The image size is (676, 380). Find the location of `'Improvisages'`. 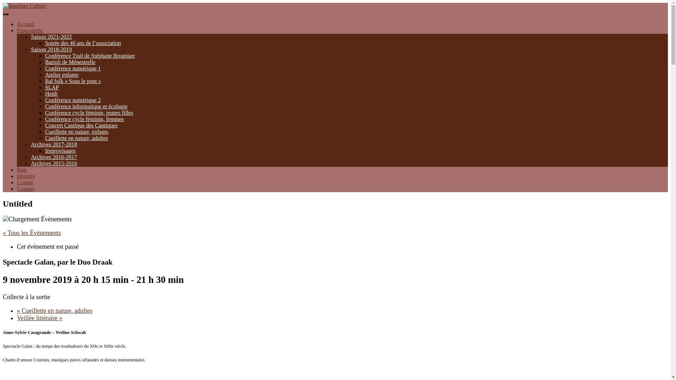

'Improvisages' is located at coordinates (60, 150).